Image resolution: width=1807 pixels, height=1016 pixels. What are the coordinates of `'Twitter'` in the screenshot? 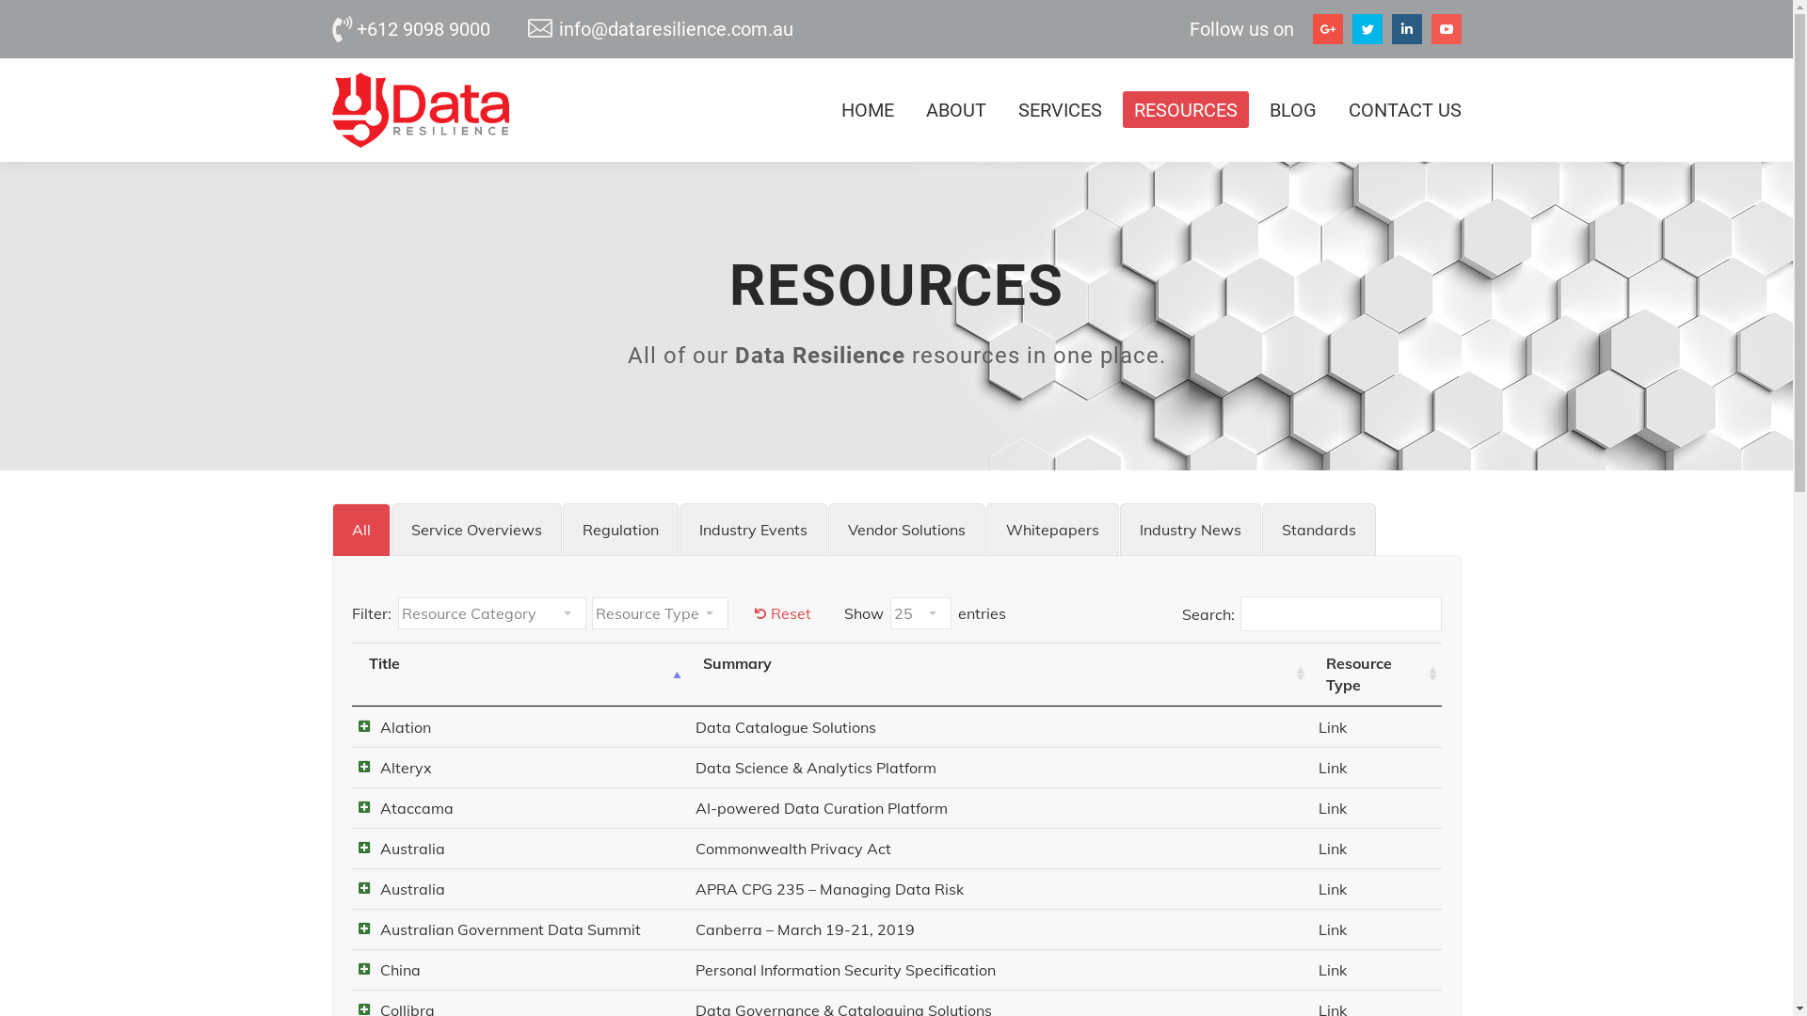 It's located at (1366, 28).